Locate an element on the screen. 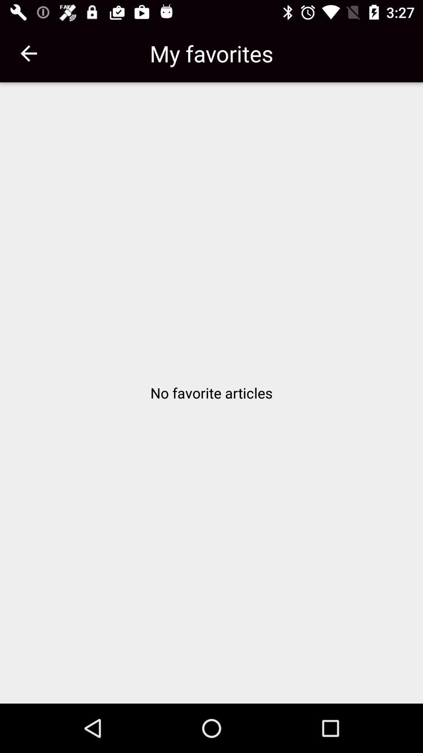 The height and width of the screenshot is (753, 423). the item to the left of the my favorites is located at coordinates (28, 53).